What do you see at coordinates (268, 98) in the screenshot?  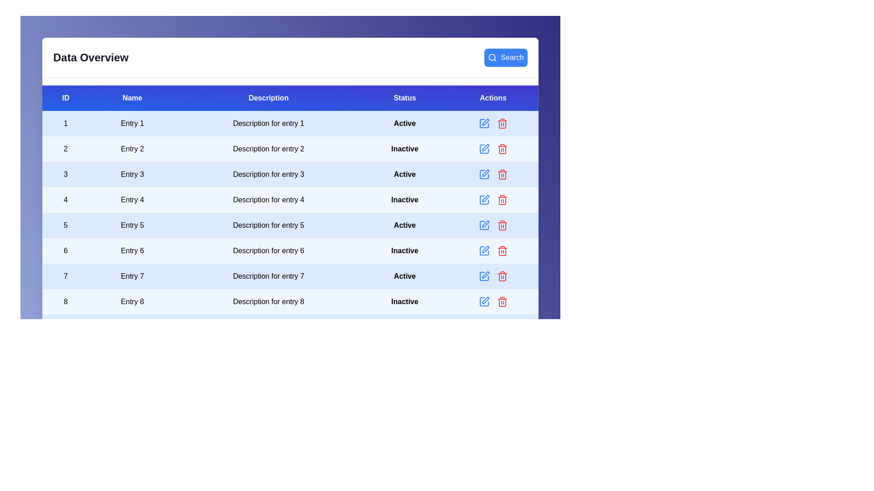 I see `the header of the column 'Description' to sort it` at bounding box center [268, 98].